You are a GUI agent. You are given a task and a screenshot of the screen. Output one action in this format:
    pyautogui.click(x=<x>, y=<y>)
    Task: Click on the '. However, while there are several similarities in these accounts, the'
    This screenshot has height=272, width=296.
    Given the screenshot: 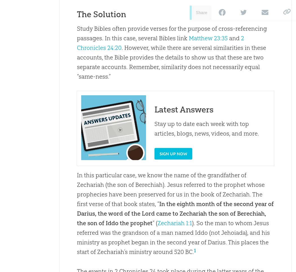 What is the action you would take?
    pyautogui.click(x=171, y=52)
    